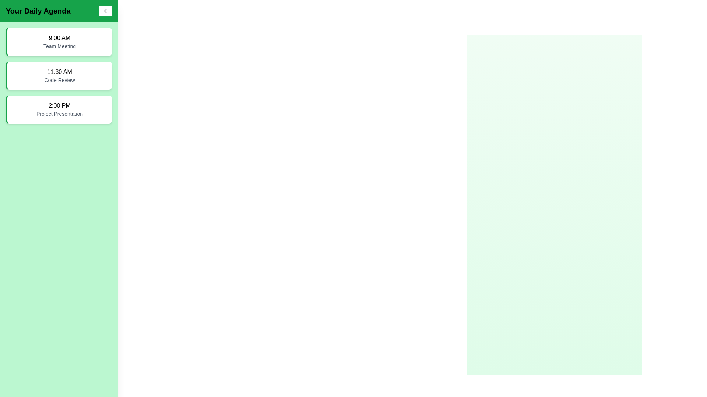  What do you see at coordinates (105, 11) in the screenshot?
I see `the back button icon located in the top-left section of the interface near the 'Your Daily Agenda' header` at bounding box center [105, 11].